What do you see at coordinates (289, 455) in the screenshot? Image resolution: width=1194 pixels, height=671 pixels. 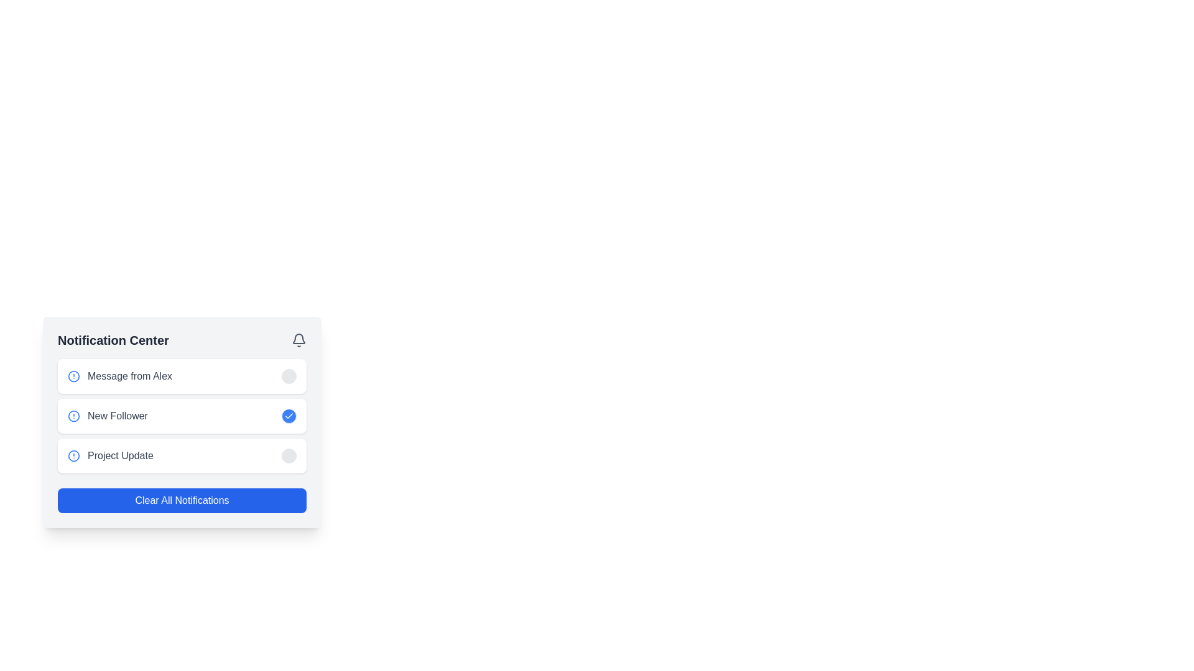 I see `the circular button with a light gray background located on the right side of the 'Project Update' notification block at the bottom of the notification list` at bounding box center [289, 455].